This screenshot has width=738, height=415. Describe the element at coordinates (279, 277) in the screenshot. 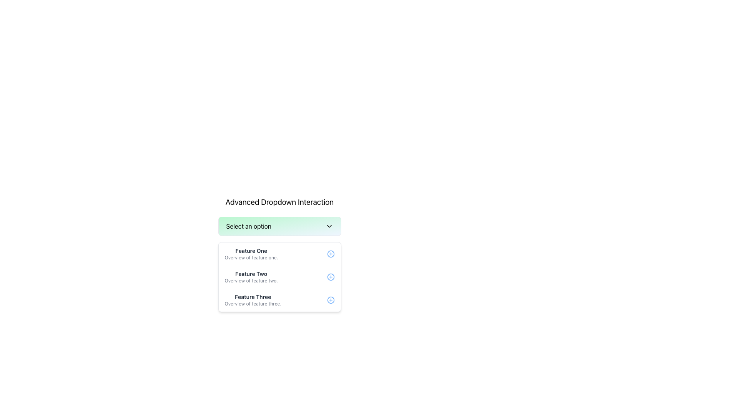

I see `the second entry` at that location.